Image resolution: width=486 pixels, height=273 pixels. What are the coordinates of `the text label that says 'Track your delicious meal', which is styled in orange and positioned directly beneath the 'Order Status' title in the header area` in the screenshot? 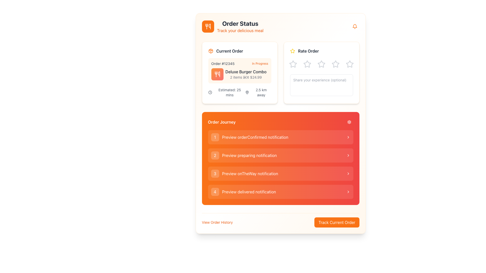 It's located at (240, 30).